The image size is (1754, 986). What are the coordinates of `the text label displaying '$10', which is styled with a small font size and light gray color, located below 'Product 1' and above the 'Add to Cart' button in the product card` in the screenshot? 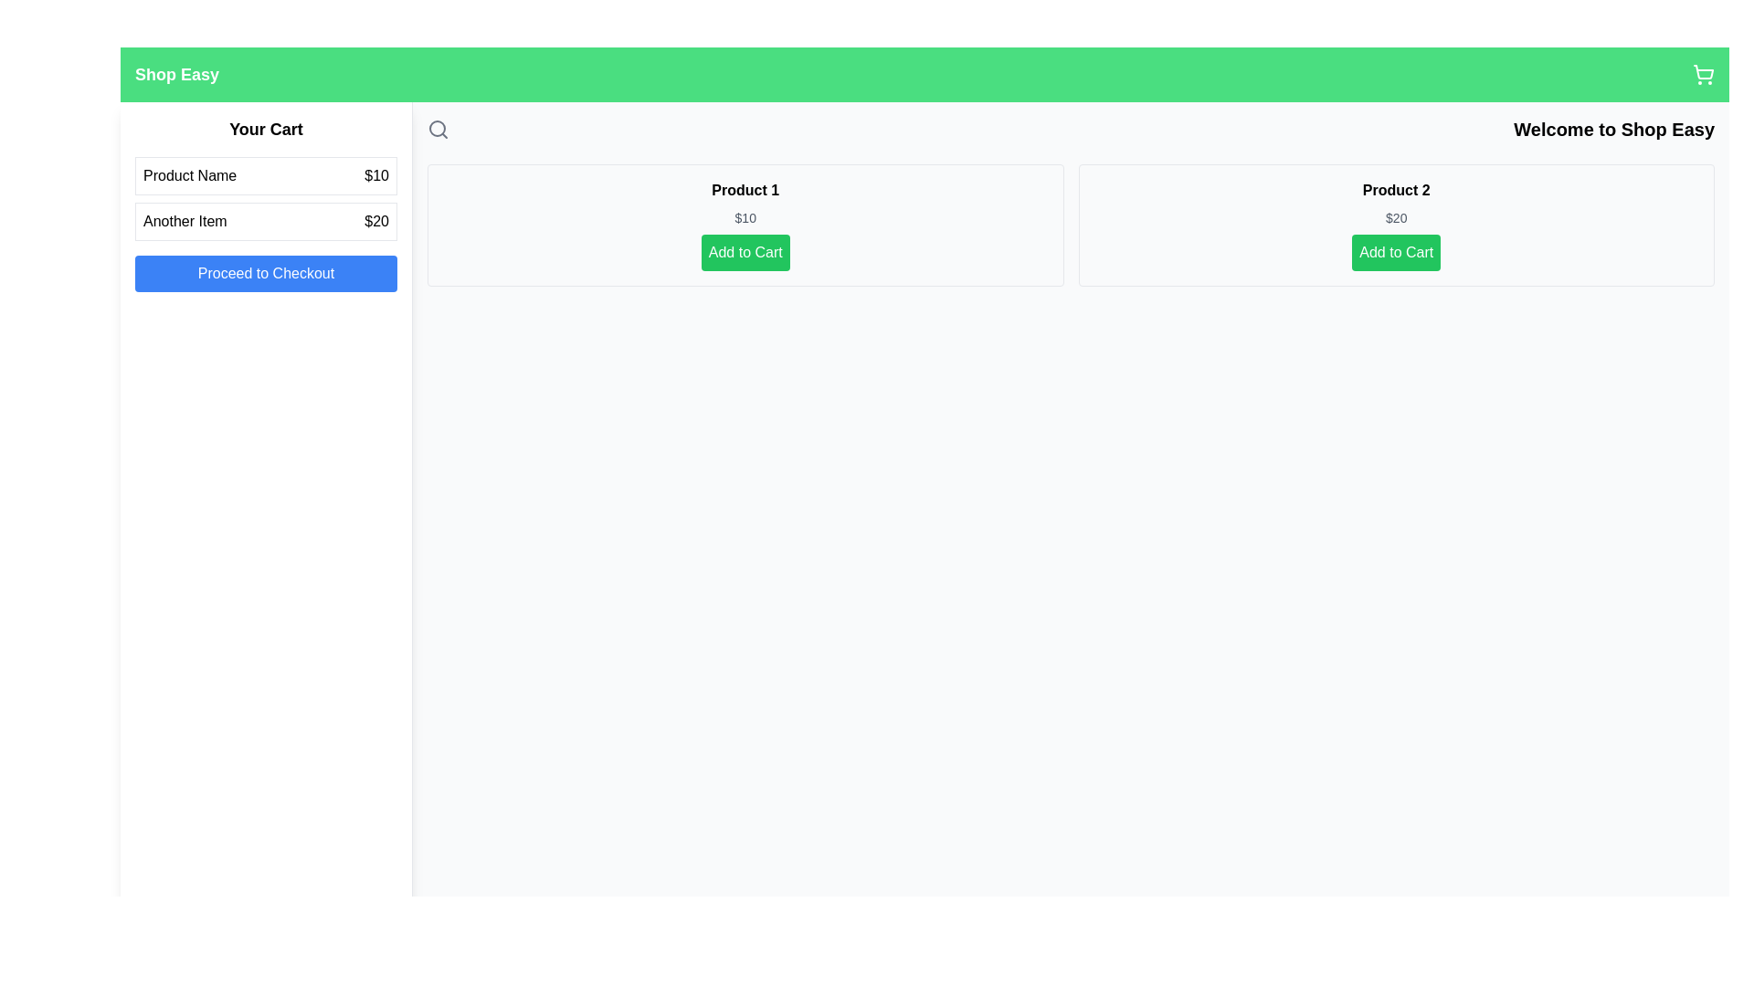 It's located at (745, 217).